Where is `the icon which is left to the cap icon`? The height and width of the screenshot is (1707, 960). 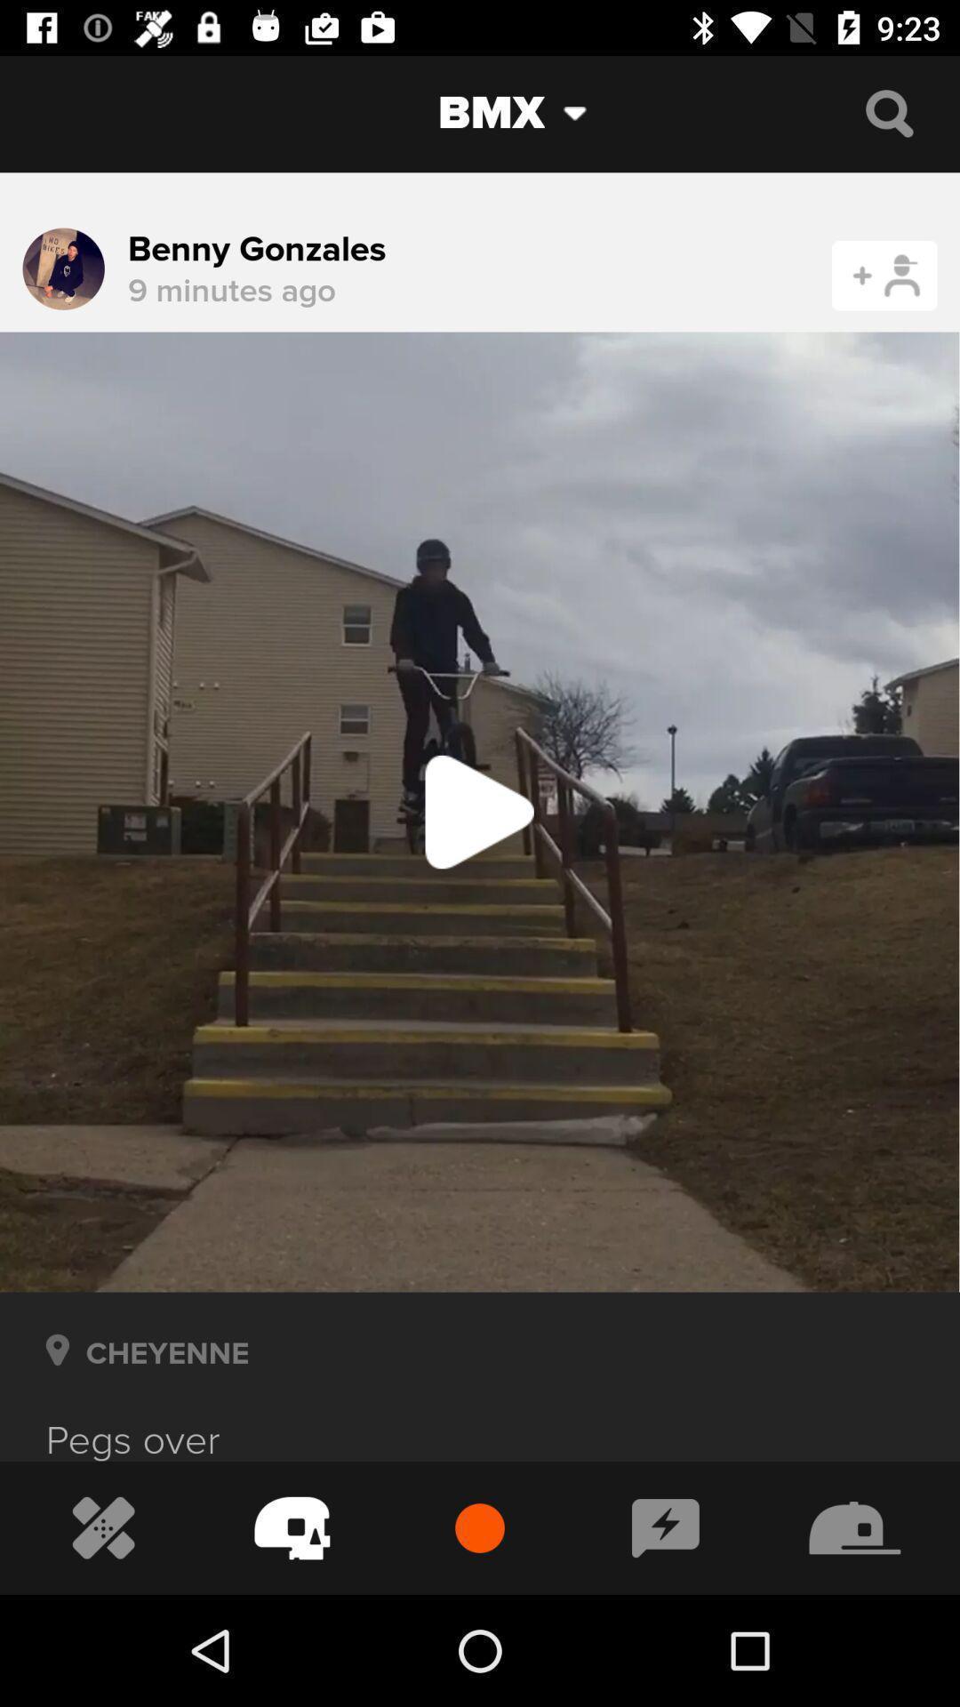
the icon which is left to the cap icon is located at coordinates (666, 1527).